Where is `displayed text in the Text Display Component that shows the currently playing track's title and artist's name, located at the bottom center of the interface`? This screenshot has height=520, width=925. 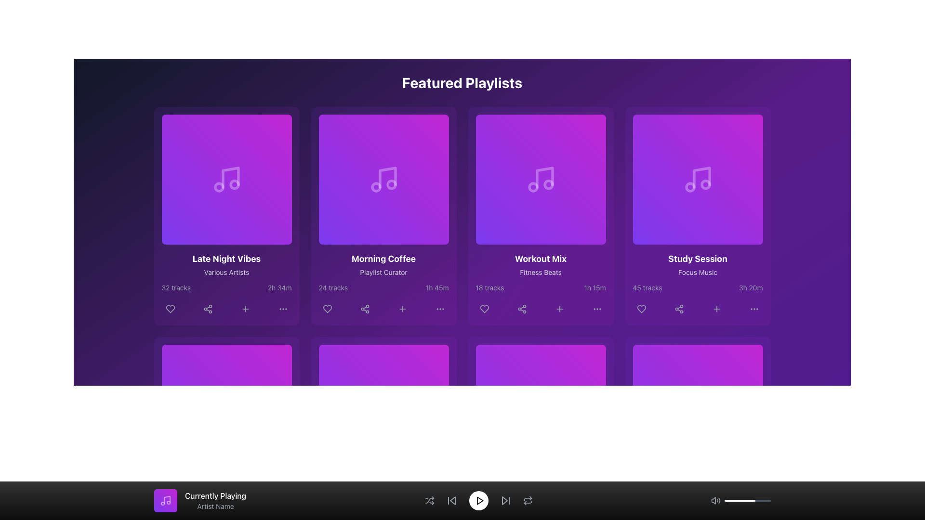 displayed text in the Text Display Component that shows the currently playing track's title and artist's name, located at the bottom center of the interface is located at coordinates (215, 500).